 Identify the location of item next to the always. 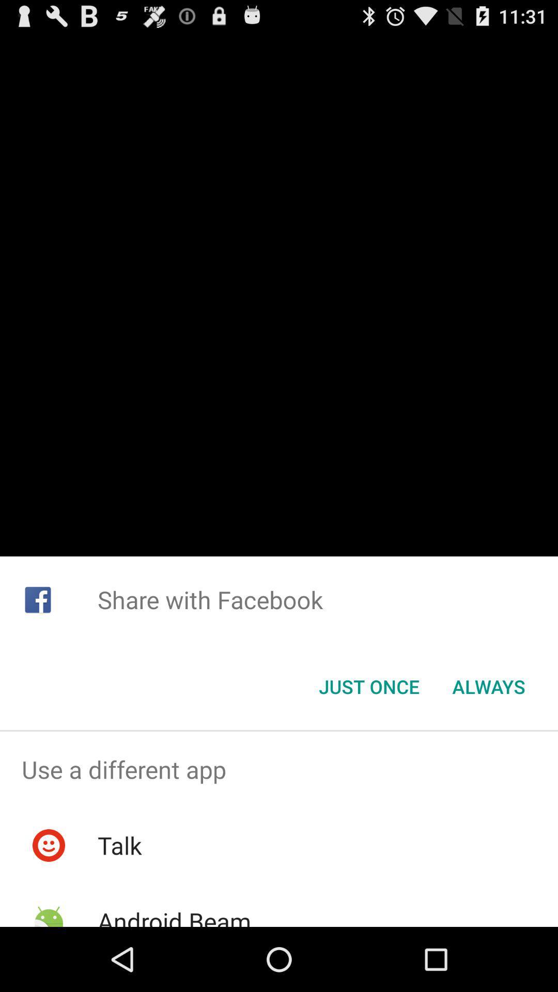
(368, 687).